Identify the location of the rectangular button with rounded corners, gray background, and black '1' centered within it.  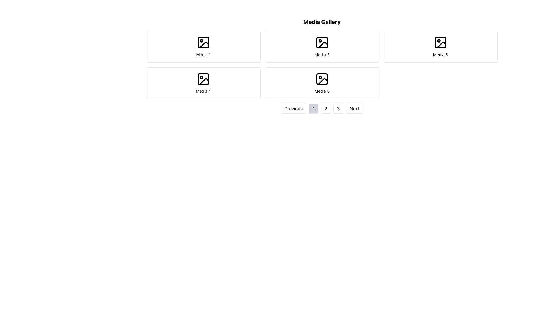
(313, 108).